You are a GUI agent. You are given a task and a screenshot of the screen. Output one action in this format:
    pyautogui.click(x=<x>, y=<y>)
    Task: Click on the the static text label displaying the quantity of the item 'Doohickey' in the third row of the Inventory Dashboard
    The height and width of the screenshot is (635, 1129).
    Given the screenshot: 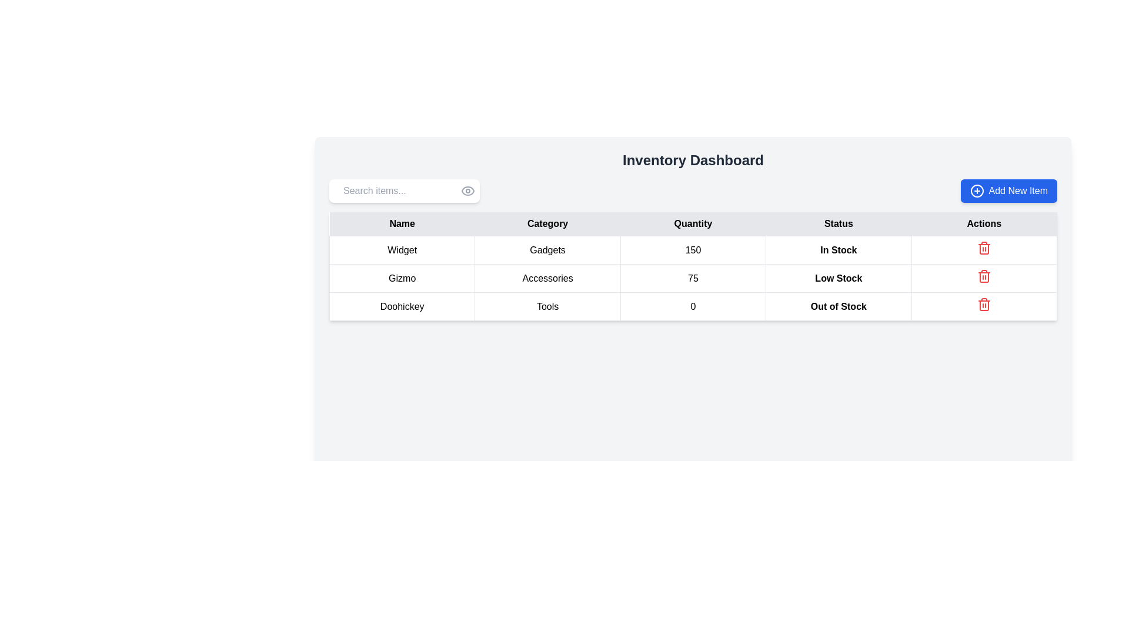 What is the action you would take?
    pyautogui.click(x=693, y=306)
    